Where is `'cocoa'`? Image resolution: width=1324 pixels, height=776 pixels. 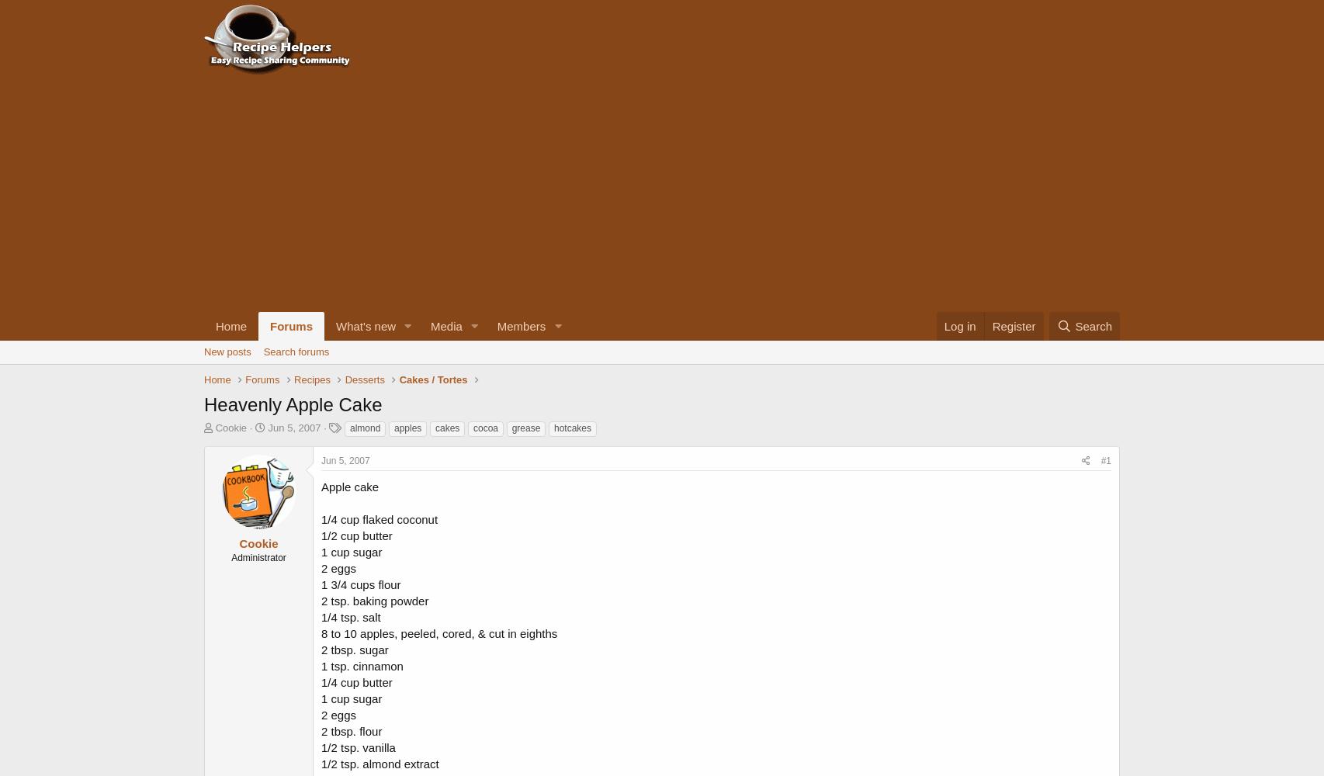 'cocoa' is located at coordinates (484, 428).